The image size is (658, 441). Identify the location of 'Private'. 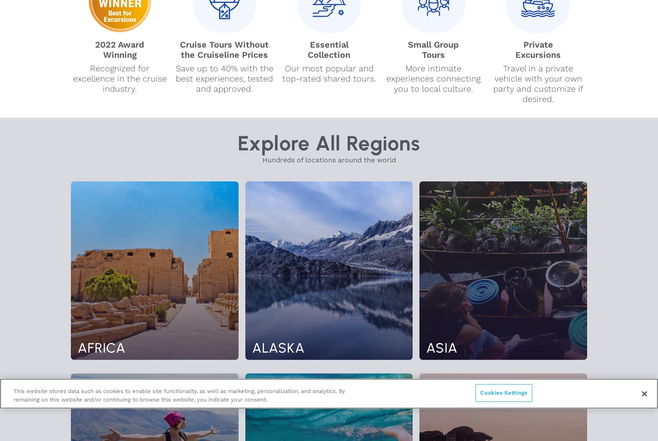
(537, 44).